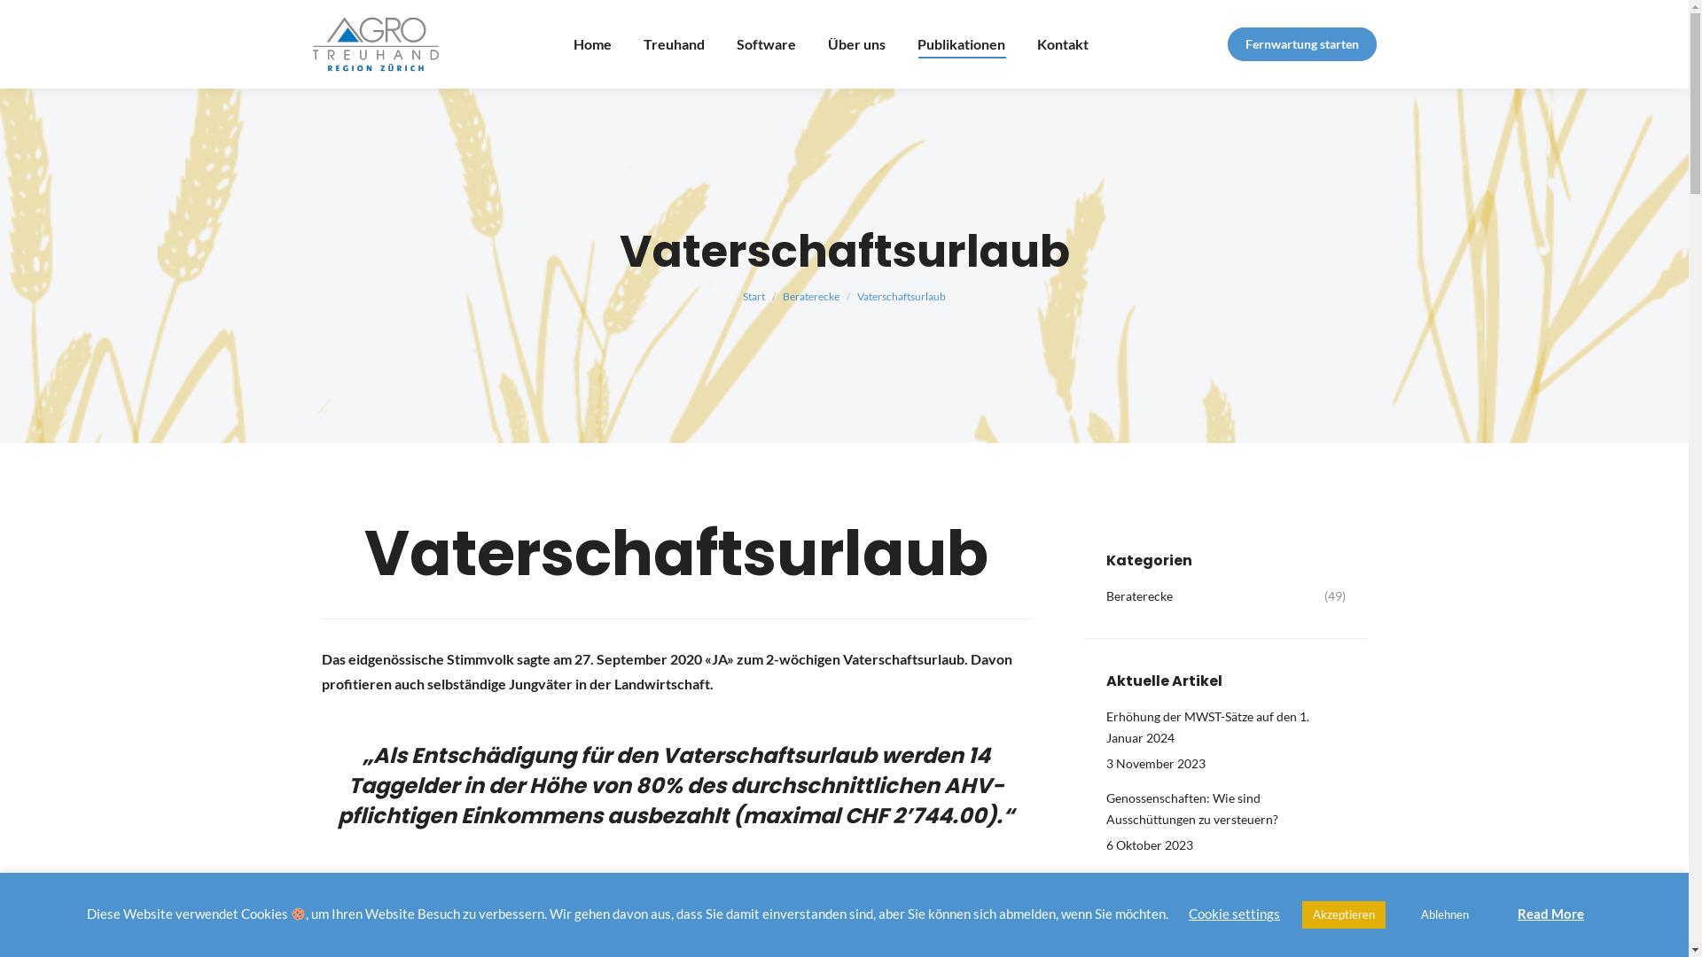 The height and width of the screenshot is (957, 1702). I want to click on 'Kontakt', so click(1063, 43).